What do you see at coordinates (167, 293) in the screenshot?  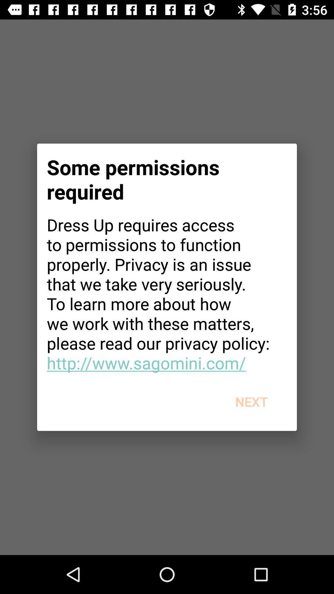 I see `icon below the some permissions required` at bounding box center [167, 293].